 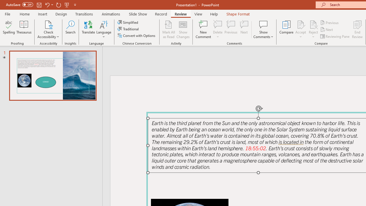 I want to click on 'Delete', so click(x=218, y=24).